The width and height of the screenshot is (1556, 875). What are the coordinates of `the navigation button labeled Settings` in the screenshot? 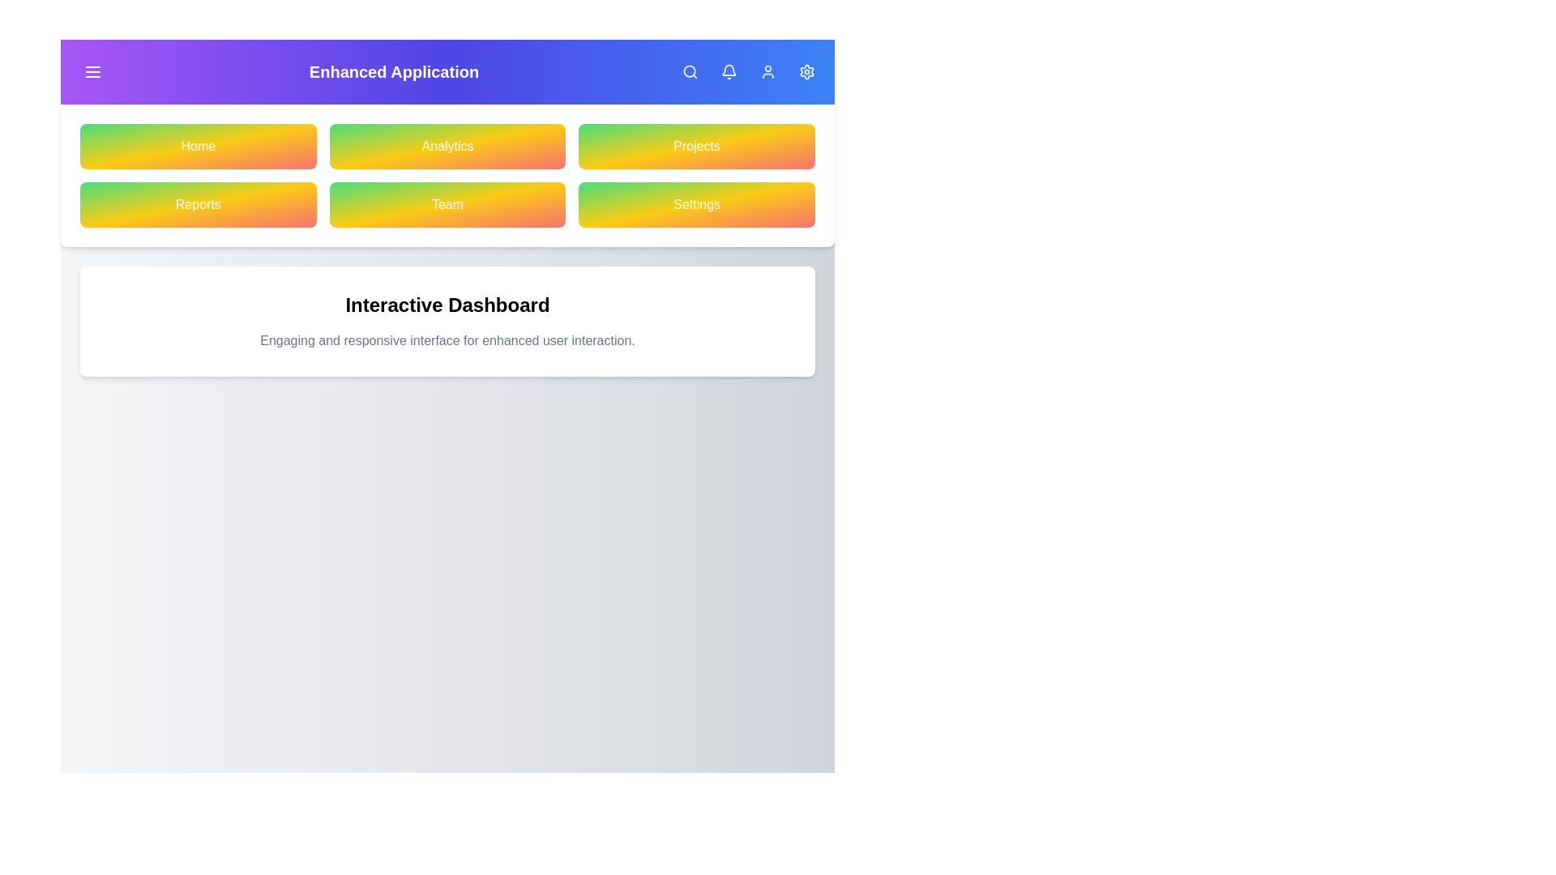 It's located at (697, 204).